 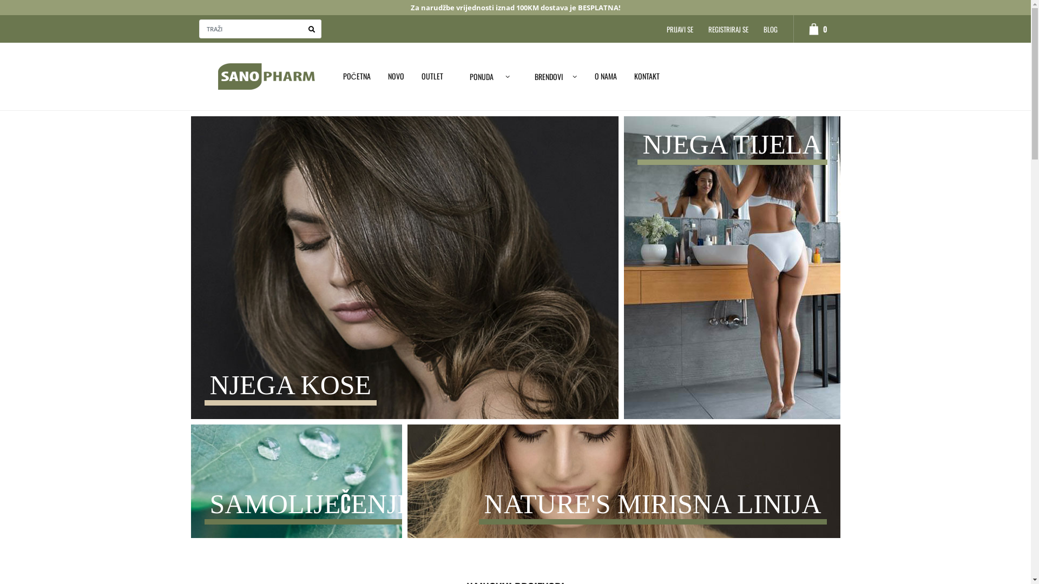 I want to click on 'PONUDA', so click(x=452, y=76).